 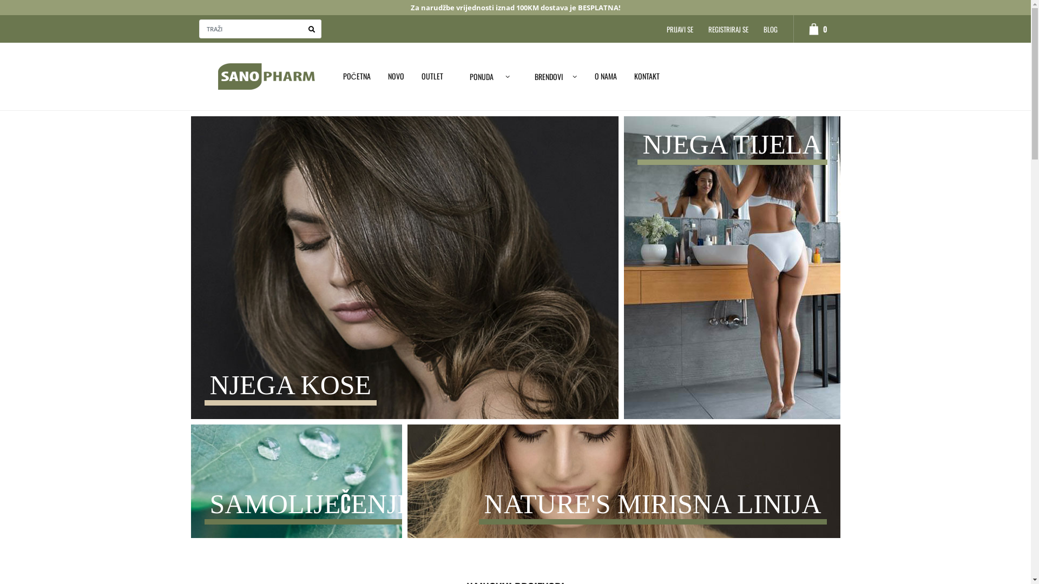 I want to click on 'PONUDA', so click(x=452, y=76).